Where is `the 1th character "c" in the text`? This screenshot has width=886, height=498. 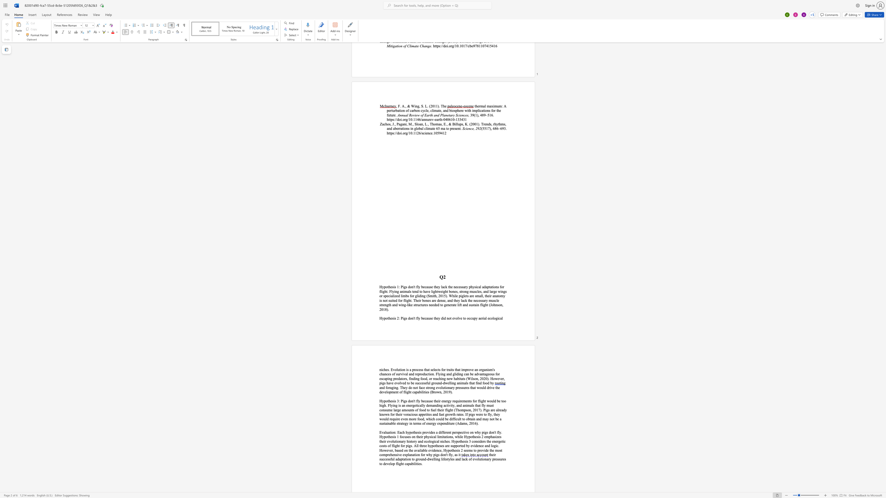
the 1th character "c" in the text is located at coordinates (425, 318).